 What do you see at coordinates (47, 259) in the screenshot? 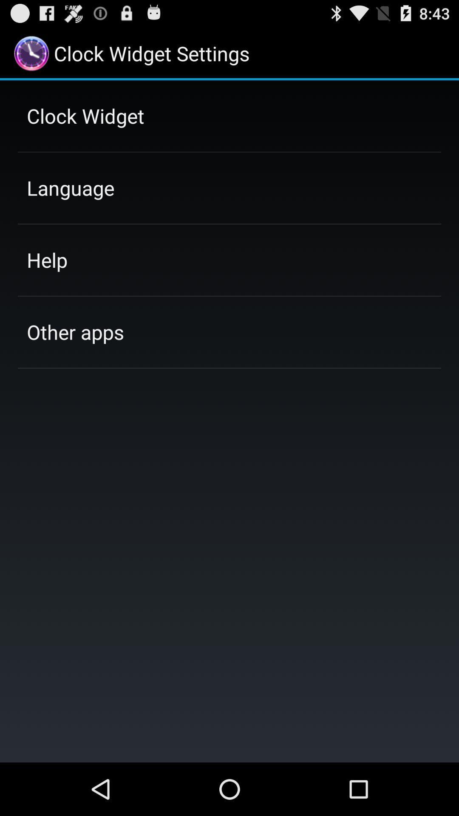
I see `the help item` at bounding box center [47, 259].